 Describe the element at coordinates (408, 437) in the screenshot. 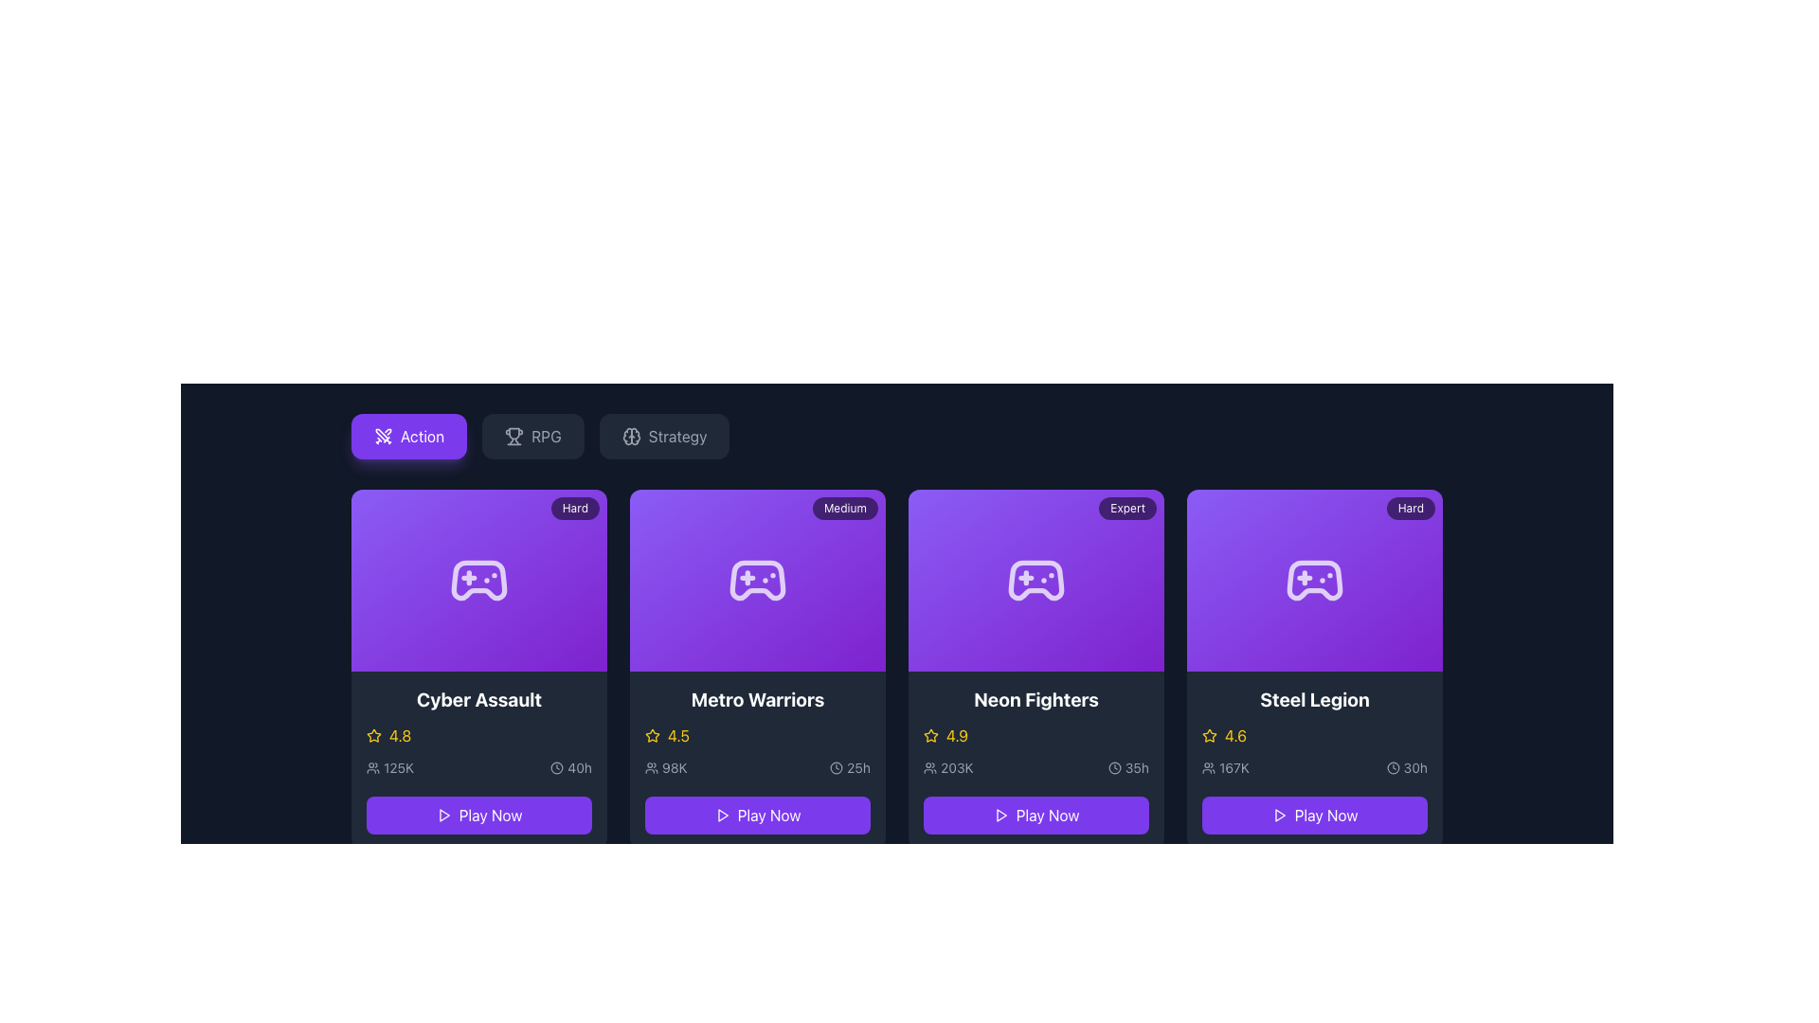

I see `the 'Action' category selector button located at the top-left corner of the category buttons layout` at that location.